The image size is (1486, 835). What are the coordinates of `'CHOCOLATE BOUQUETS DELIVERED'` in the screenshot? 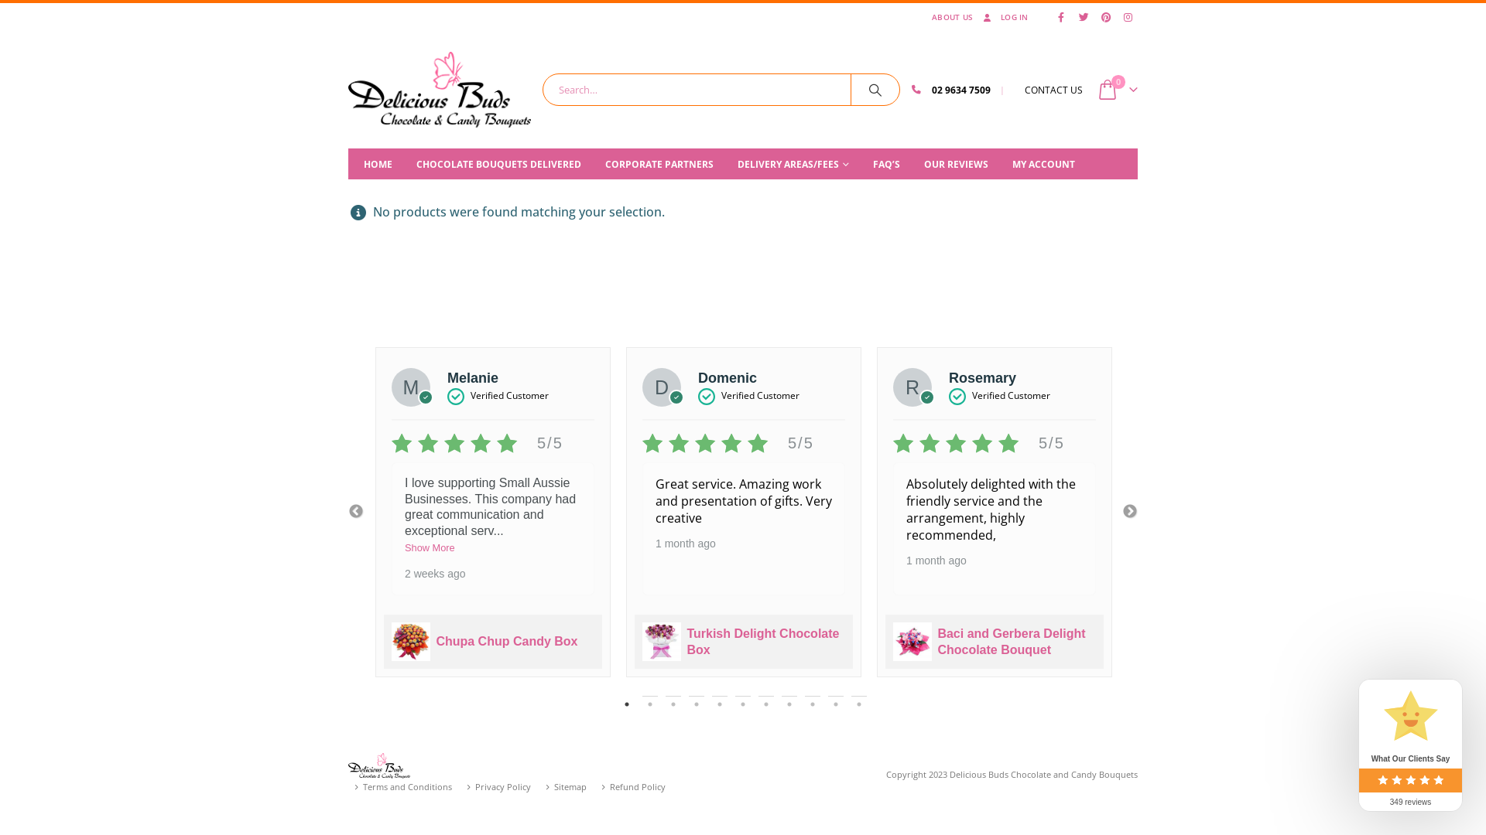 It's located at (494, 164).